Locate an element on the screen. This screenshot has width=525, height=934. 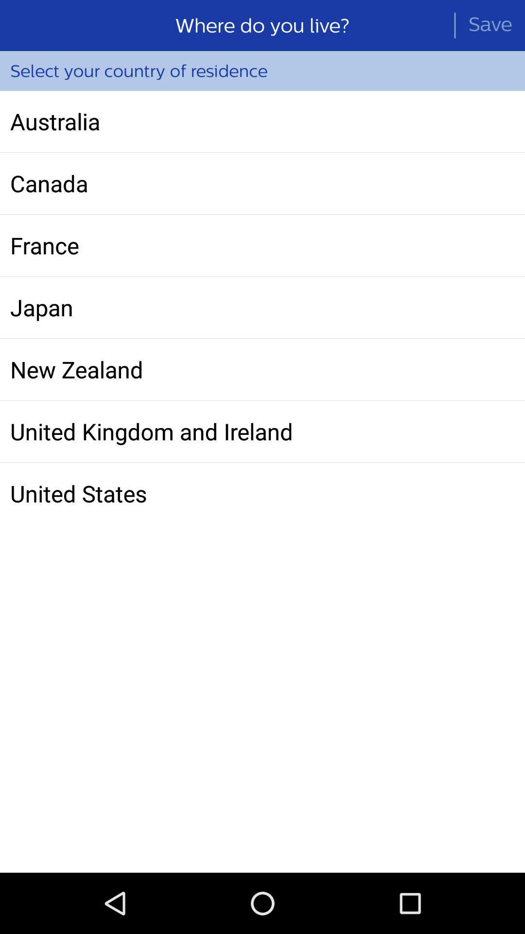
australia is located at coordinates (262, 121).